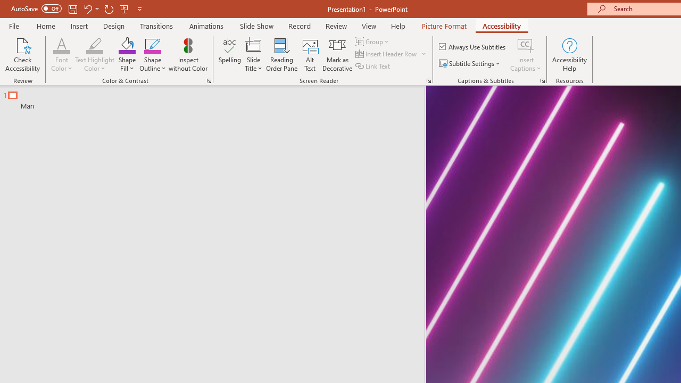 This screenshot has height=383, width=681. I want to click on 'Picture Format', so click(444, 26).